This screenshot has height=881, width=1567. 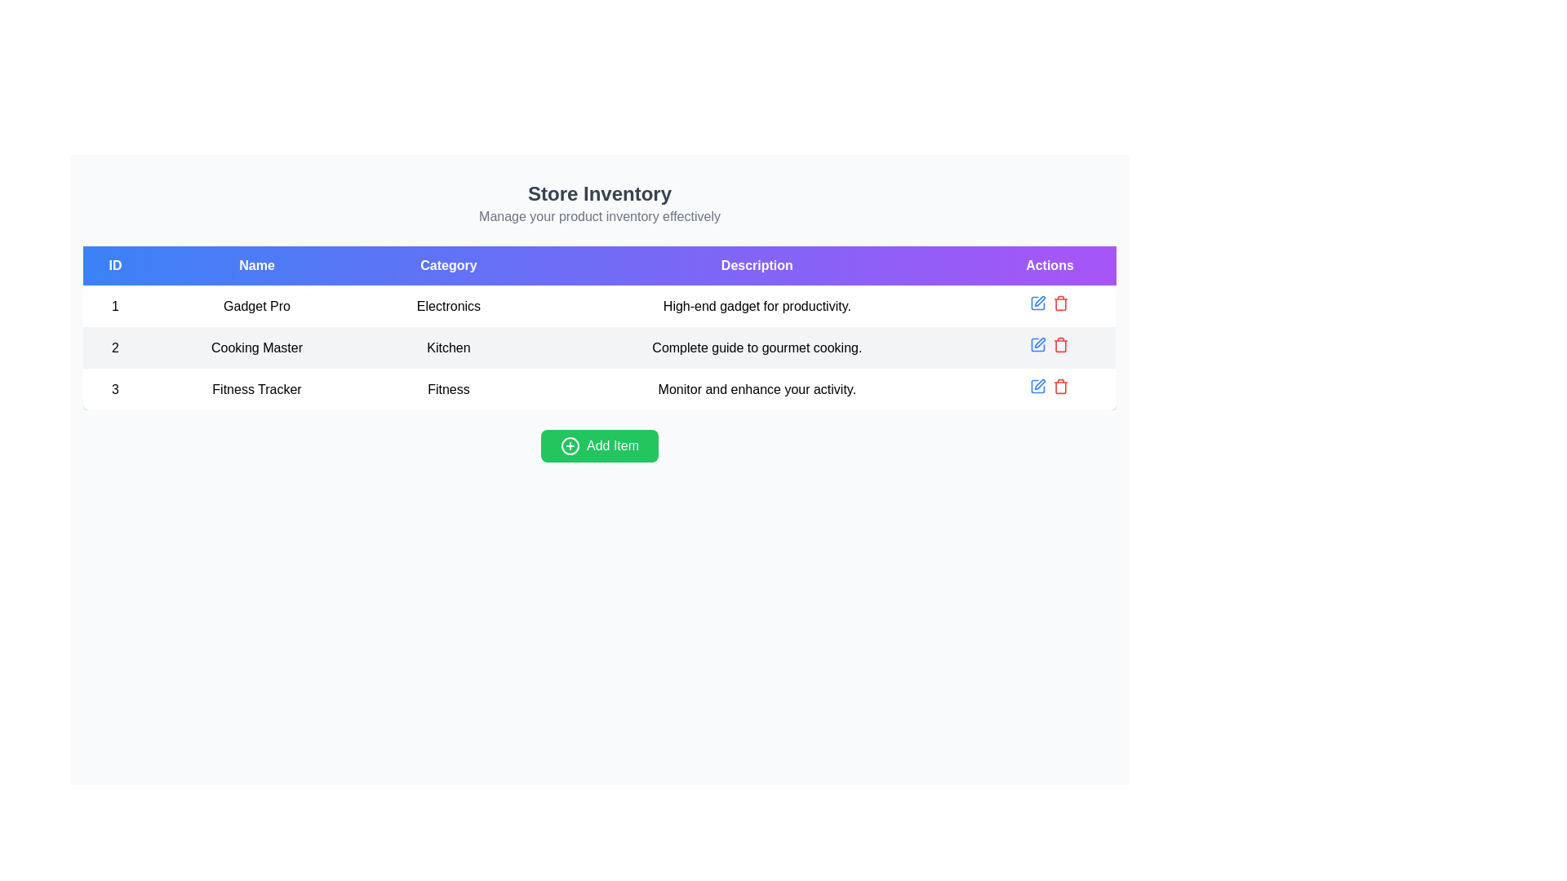 I want to click on the second row in the product listing table, which contains information about a product and is identified by the ID value of '2', so click(x=598, y=347).